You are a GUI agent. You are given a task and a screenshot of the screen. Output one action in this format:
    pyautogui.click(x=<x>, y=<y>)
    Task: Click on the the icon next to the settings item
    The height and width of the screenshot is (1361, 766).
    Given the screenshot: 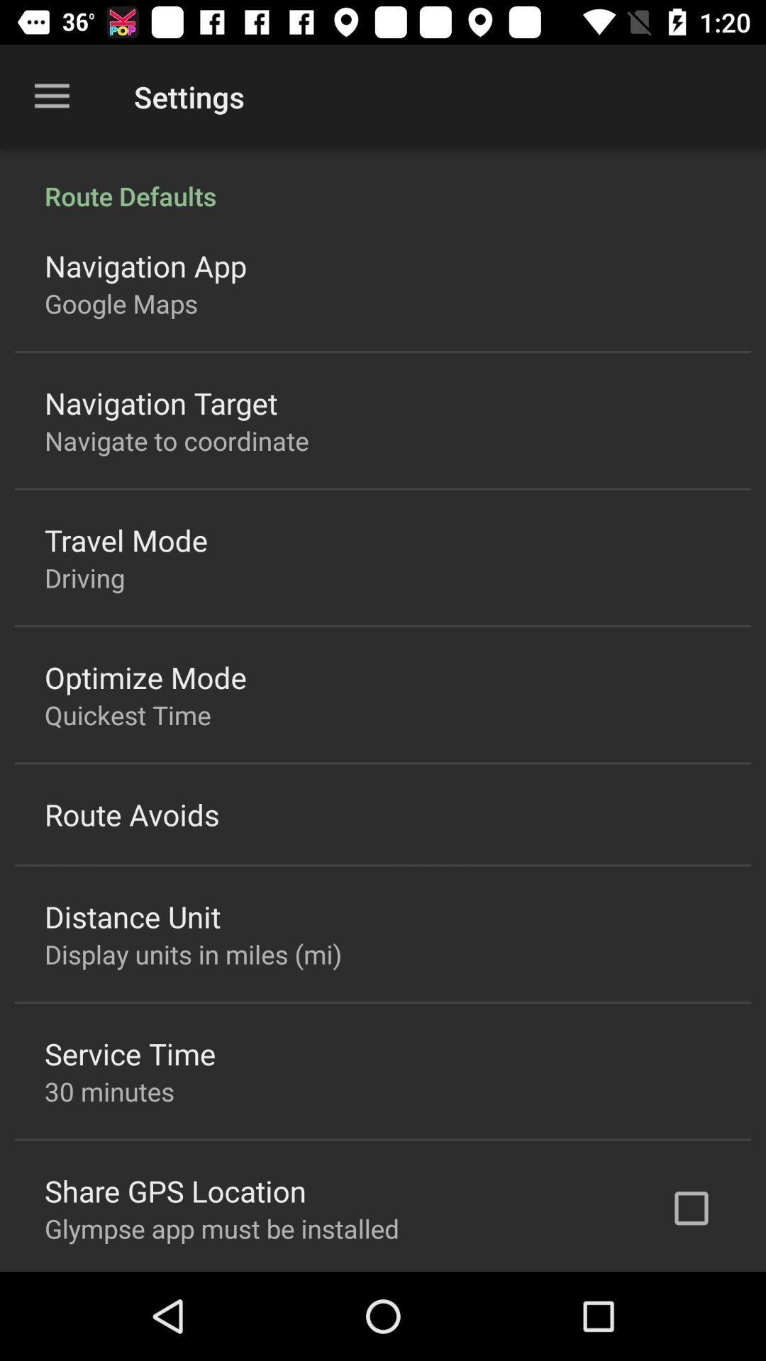 What is the action you would take?
    pyautogui.click(x=51, y=96)
    